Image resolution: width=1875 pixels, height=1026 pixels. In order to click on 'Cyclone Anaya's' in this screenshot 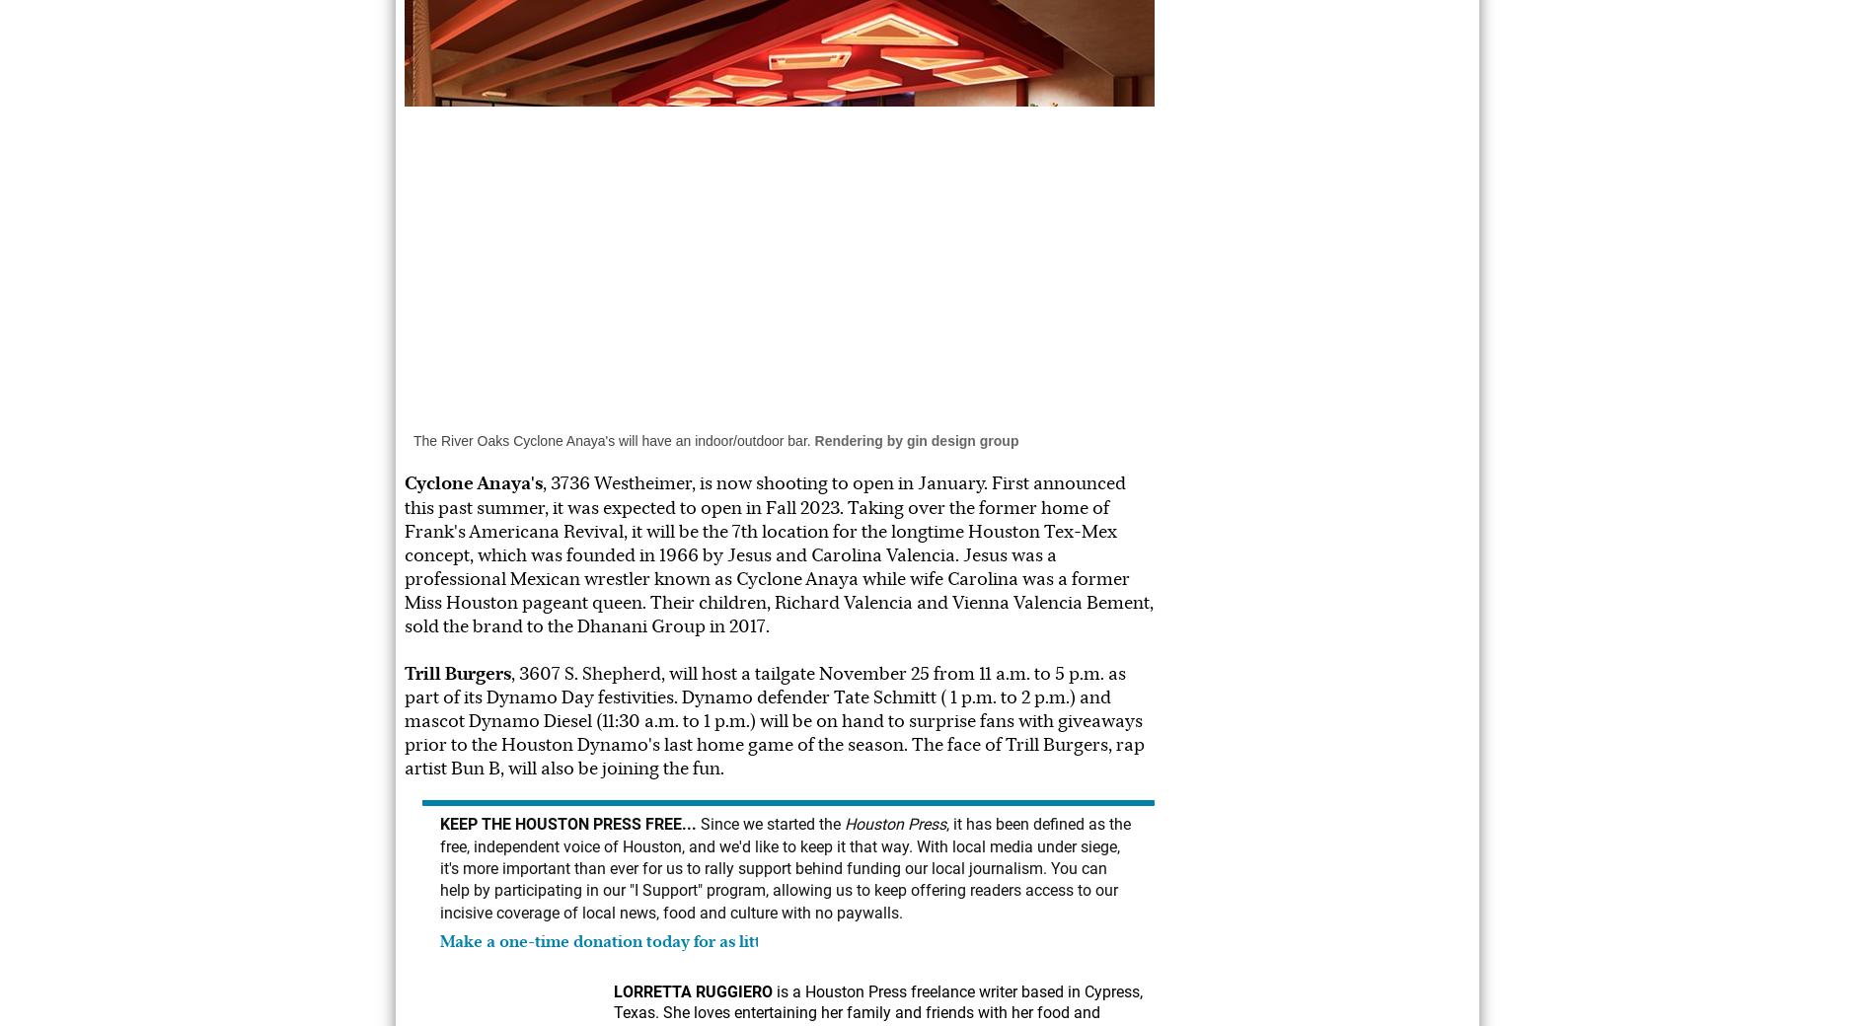, I will do `click(473, 483)`.